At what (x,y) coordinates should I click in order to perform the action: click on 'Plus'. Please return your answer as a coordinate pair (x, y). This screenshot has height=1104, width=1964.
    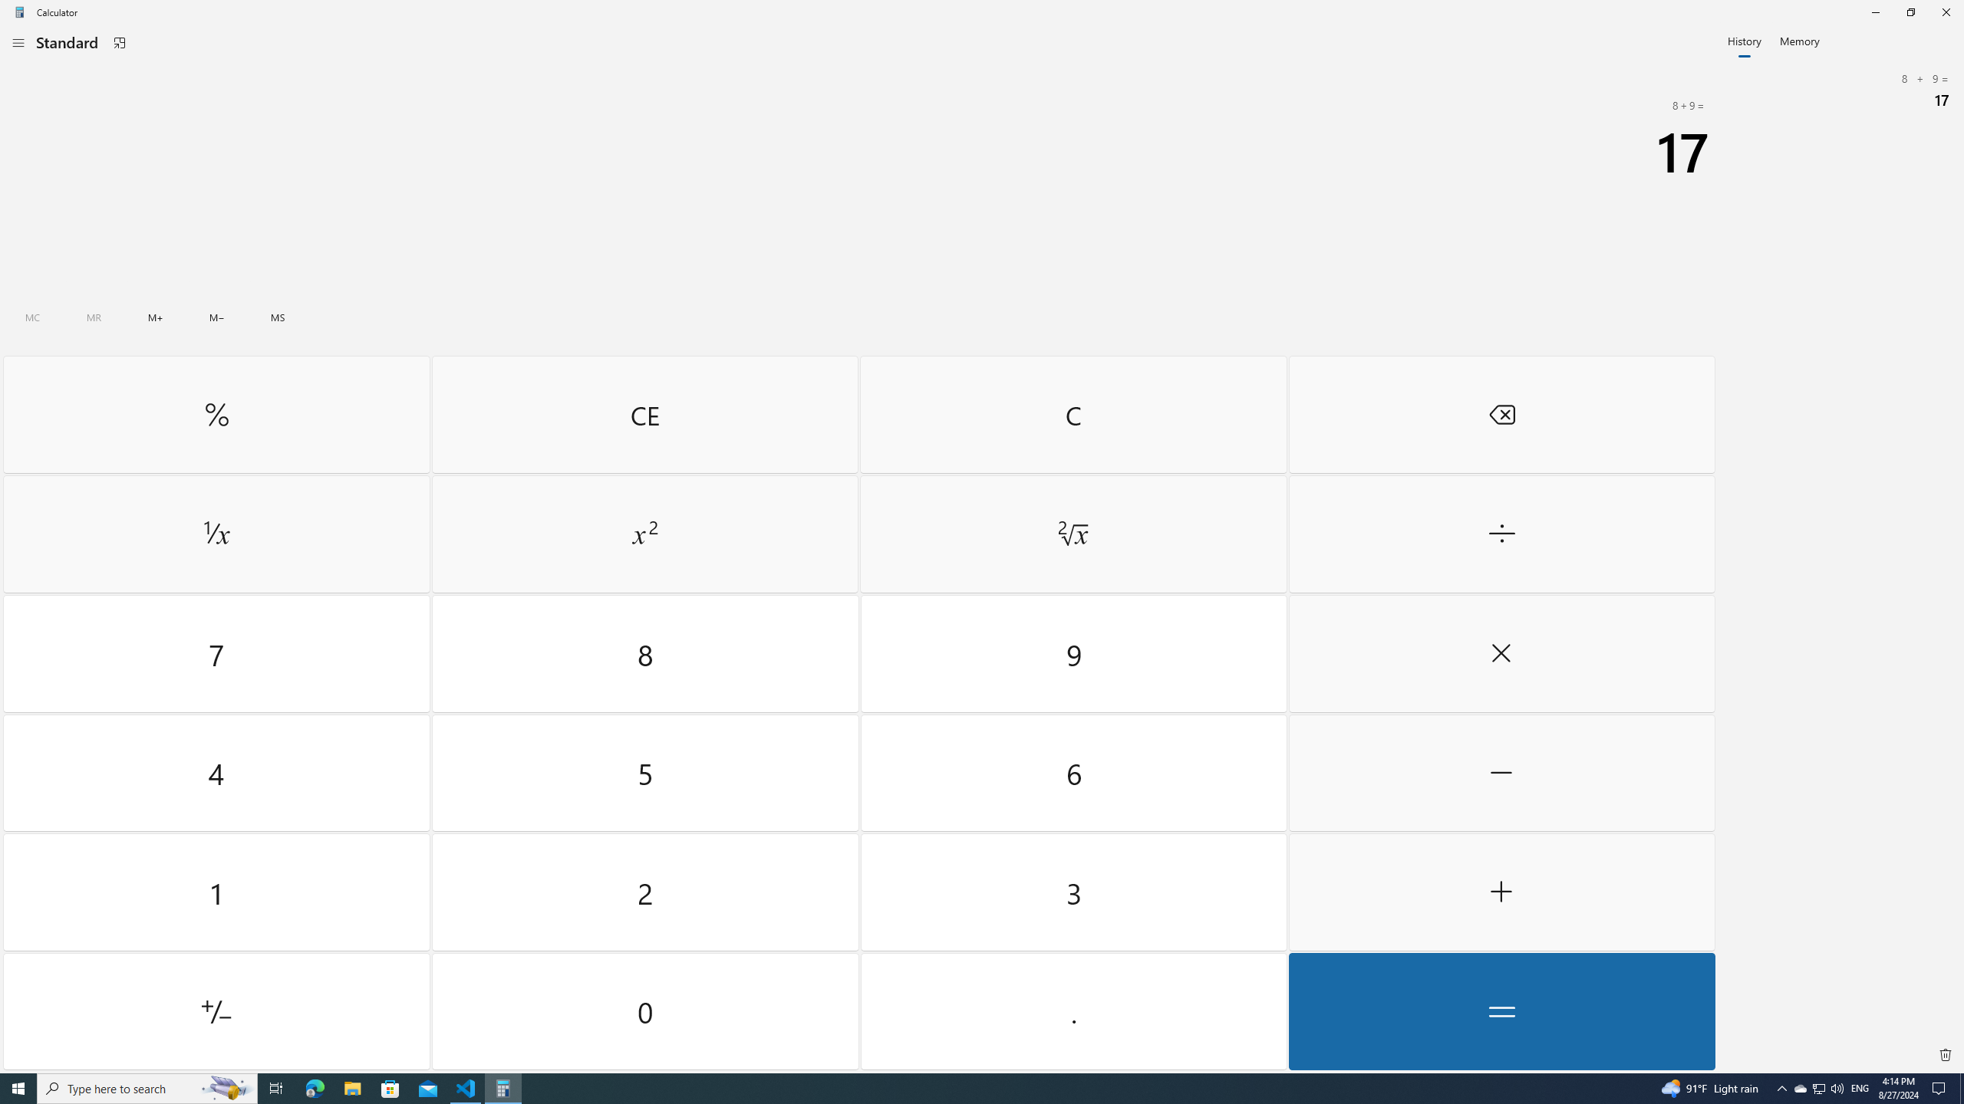
    Looking at the image, I should click on (1501, 892).